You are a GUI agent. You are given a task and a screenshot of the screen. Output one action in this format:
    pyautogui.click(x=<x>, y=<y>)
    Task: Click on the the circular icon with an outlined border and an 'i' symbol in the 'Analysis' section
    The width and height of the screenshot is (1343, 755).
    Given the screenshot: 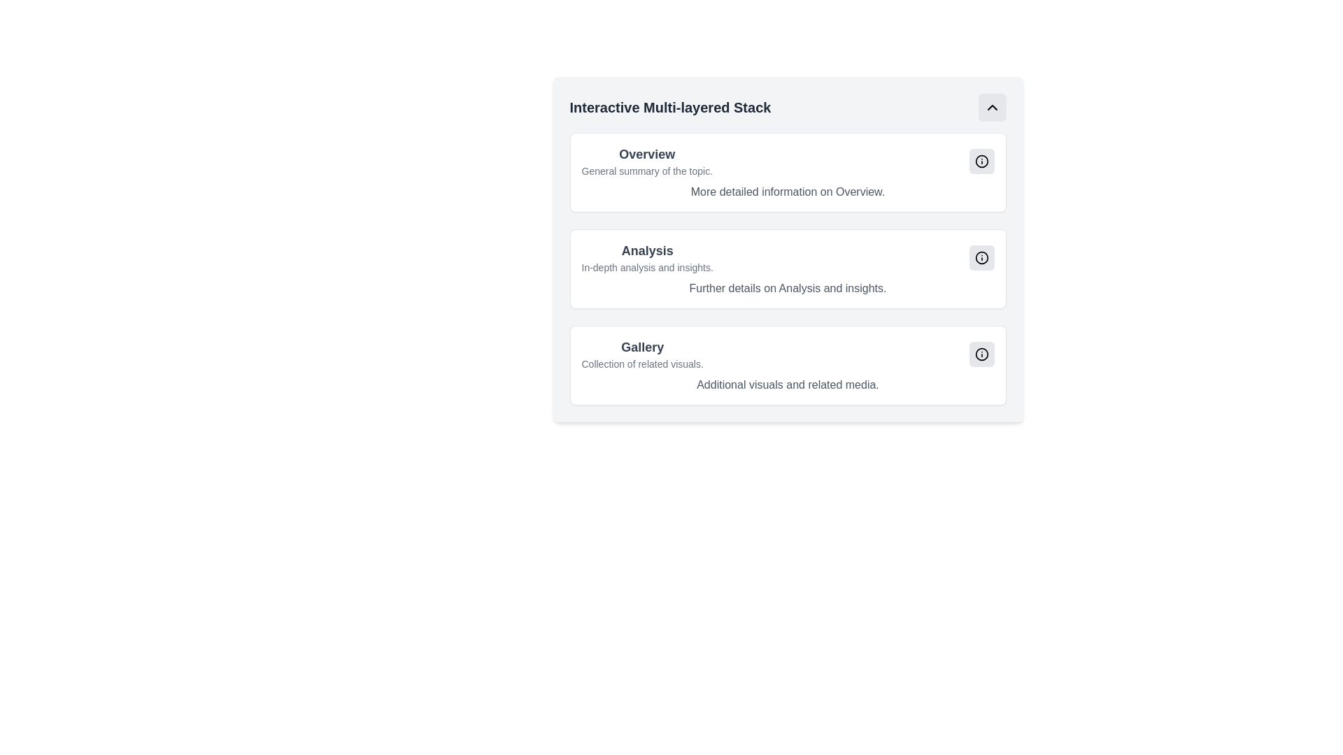 What is the action you would take?
    pyautogui.click(x=981, y=258)
    